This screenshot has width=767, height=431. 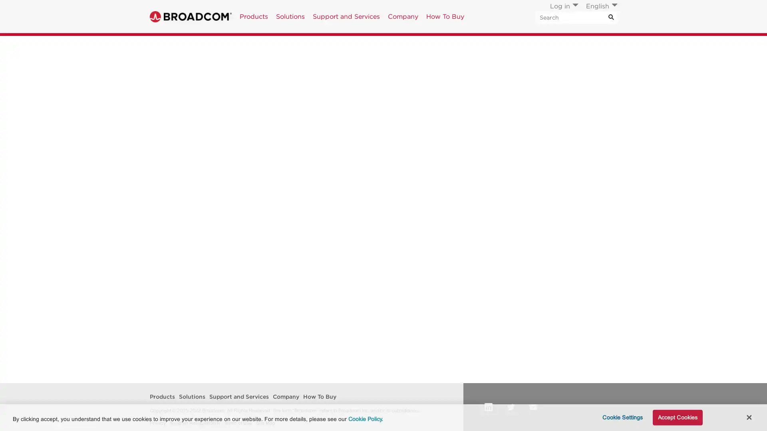 I want to click on Print, so click(x=557, y=45).